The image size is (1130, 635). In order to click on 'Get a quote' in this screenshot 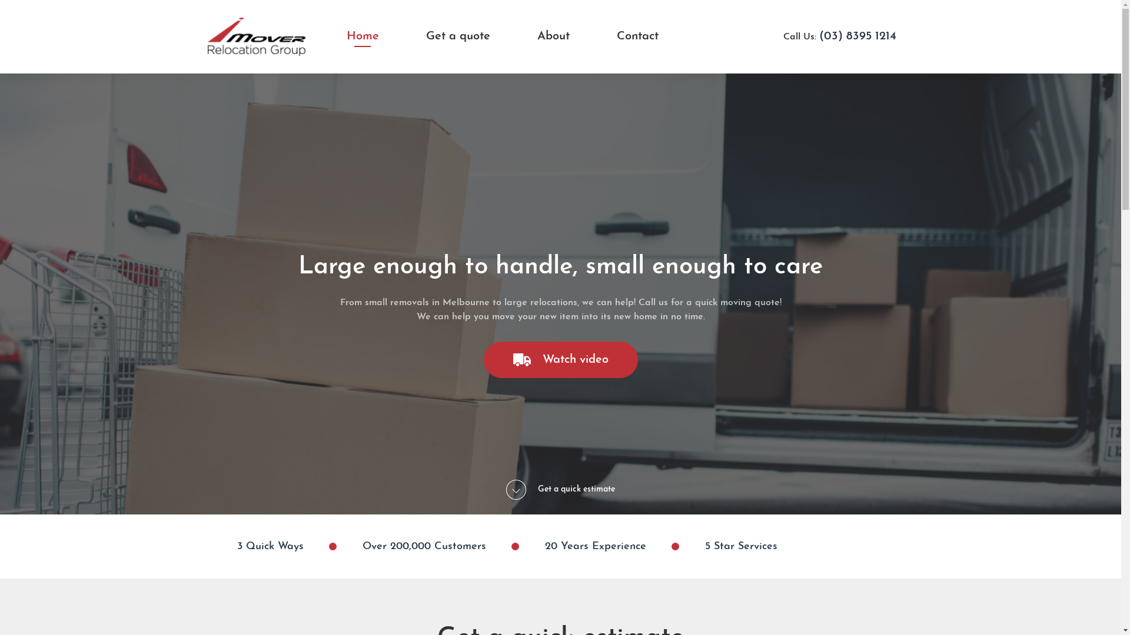, I will do `click(457, 35)`.